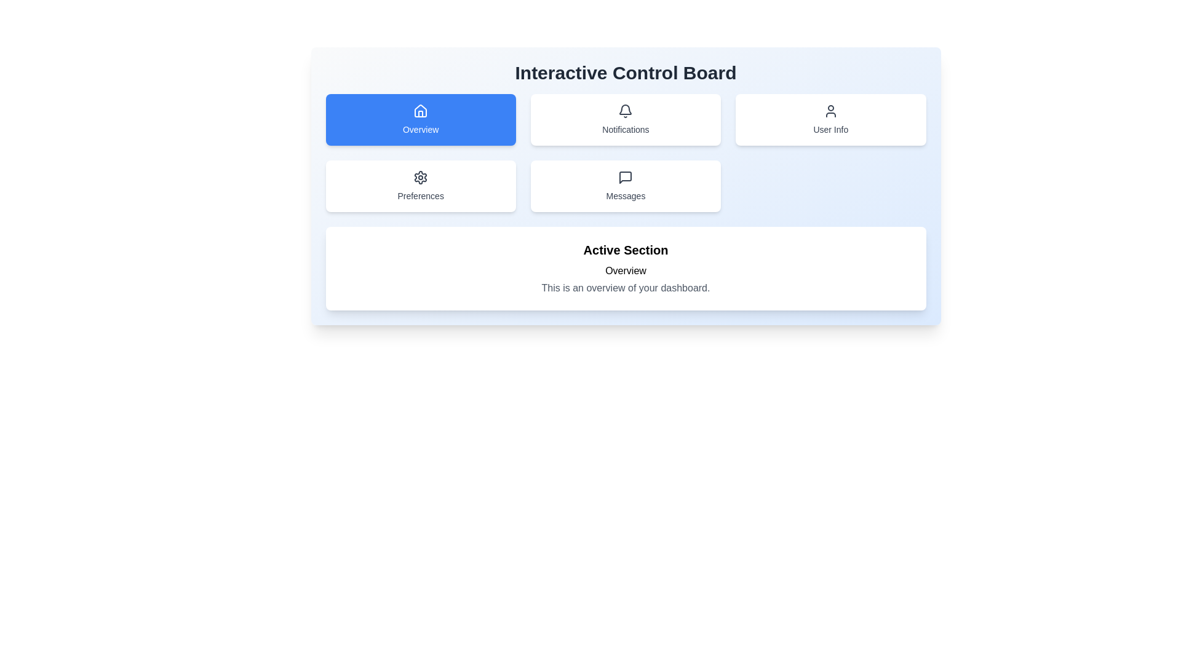 The width and height of the screenshot is (1181, 664). What do you see at coordinates (626, 73) in the screenshot?
I see `the Header or Title Element located at the top of the interface, above the grid of selectable options` at bounding box center [626, 73].